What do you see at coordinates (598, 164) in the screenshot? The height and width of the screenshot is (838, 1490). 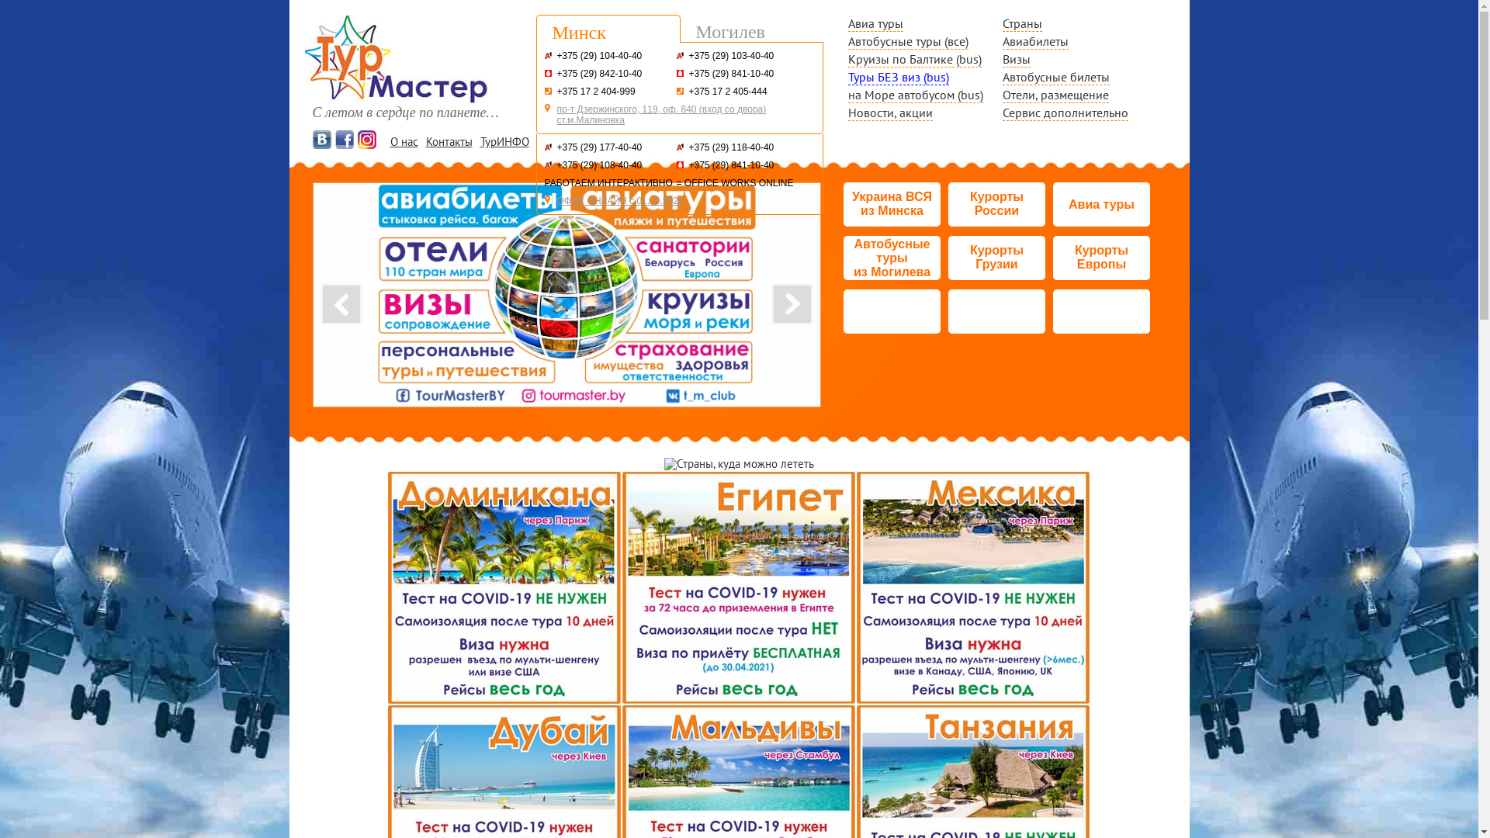 I see `'+375 (29) 108-40-40'` at bounding box center [598, 164].